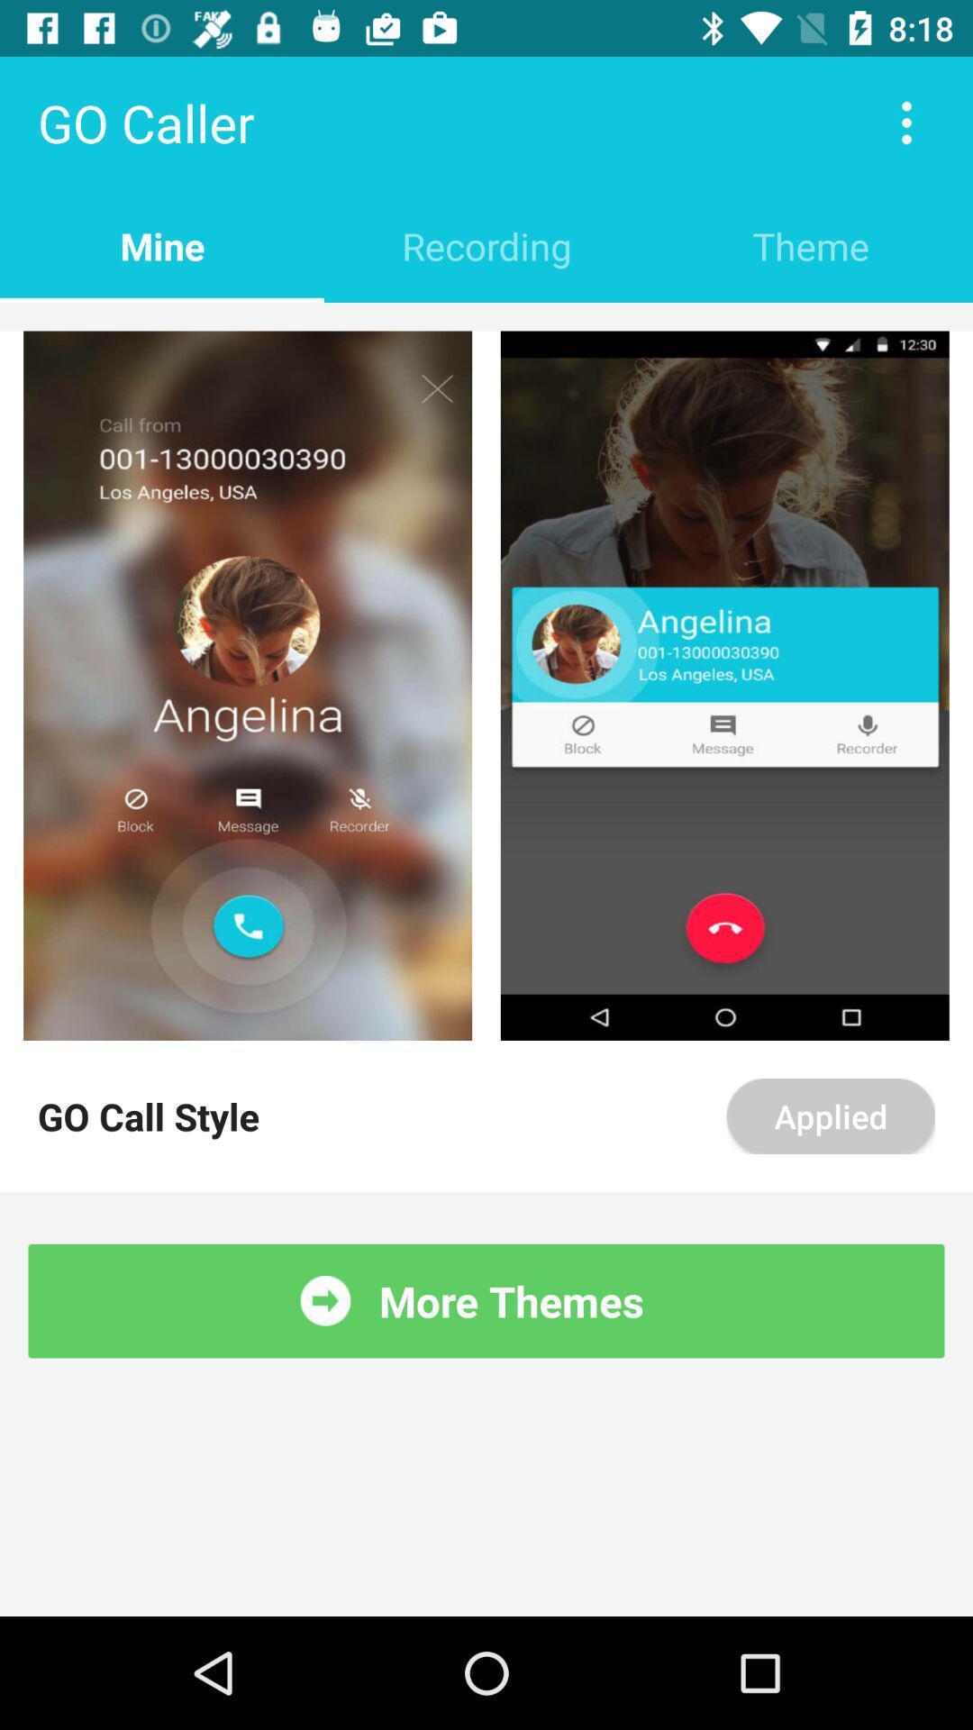  Describe the element at coordinates (248, 685) in the screenshot. I see `the icon above go call style item` at that location.